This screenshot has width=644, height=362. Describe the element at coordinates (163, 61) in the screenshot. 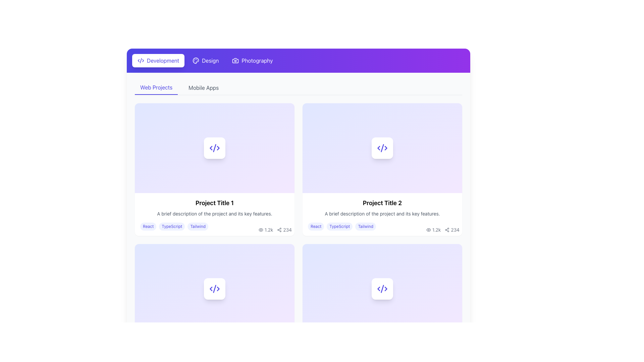

I see `the static text label displaying the word 'Development' in indigo color` at that location.